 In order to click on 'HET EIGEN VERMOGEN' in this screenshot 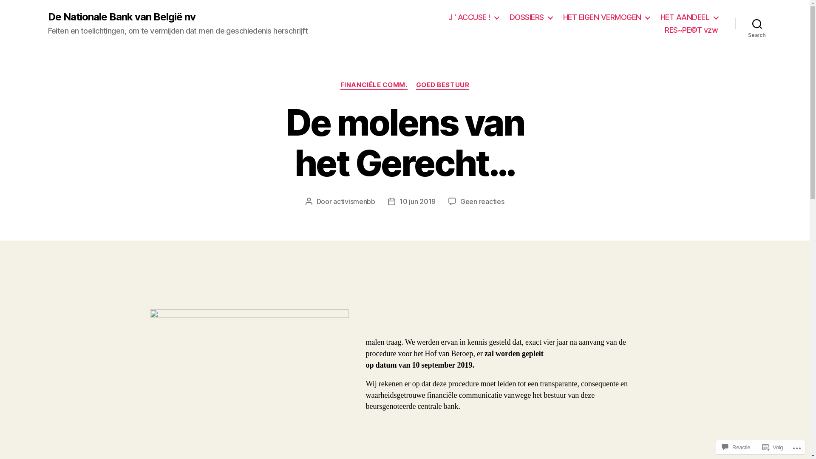, I will do `click(606, 17)`.